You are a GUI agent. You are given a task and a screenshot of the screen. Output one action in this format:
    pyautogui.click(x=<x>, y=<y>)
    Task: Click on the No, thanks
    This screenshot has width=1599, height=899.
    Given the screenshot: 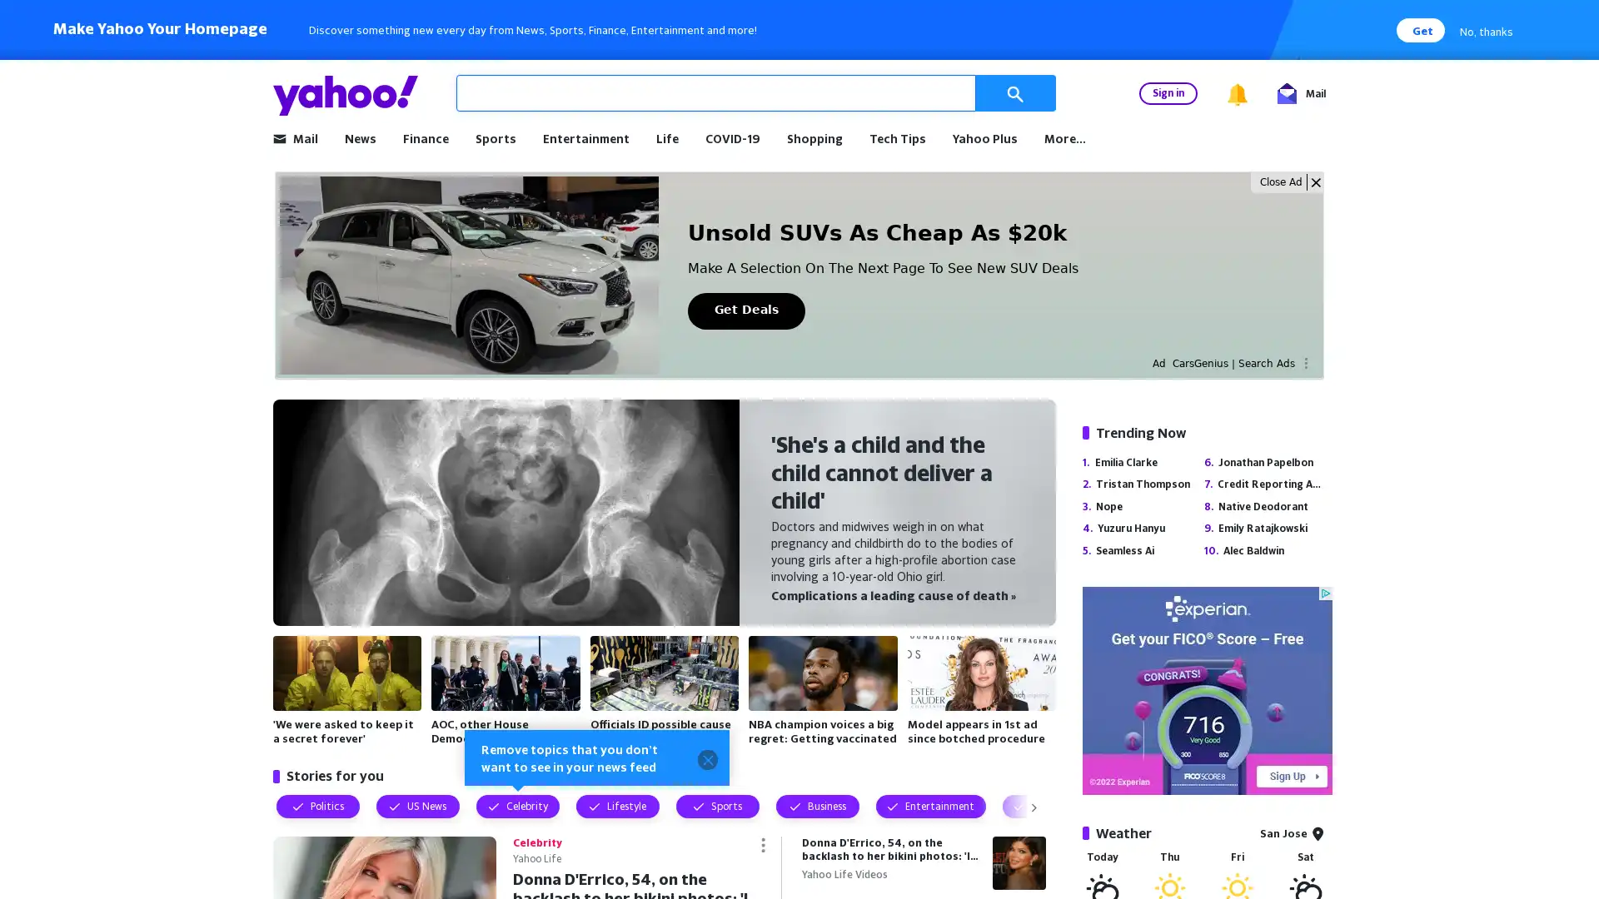 What is the action you would take?
    pyautogui.click(x=1487, y=32)
    